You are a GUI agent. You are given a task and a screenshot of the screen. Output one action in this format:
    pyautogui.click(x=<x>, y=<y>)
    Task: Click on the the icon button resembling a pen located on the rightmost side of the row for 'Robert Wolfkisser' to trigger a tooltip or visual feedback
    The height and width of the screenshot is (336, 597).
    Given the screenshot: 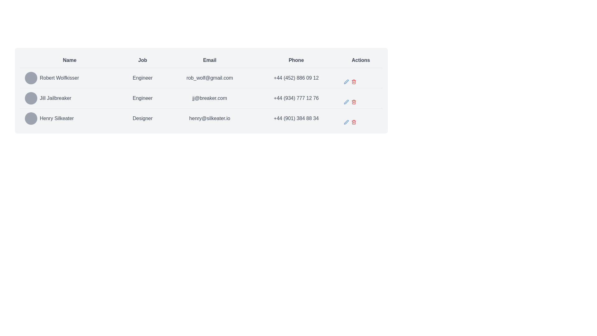 What is the action you would take?
    pyautogui.click(x=346, y=101)
    